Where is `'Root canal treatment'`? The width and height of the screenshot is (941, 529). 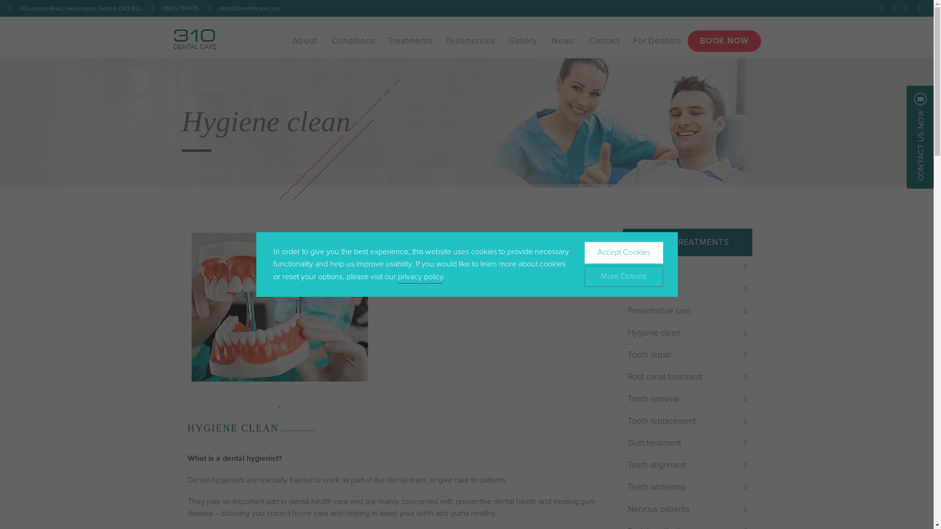 'Root canal treatment' is located at coordinates (686, 377).